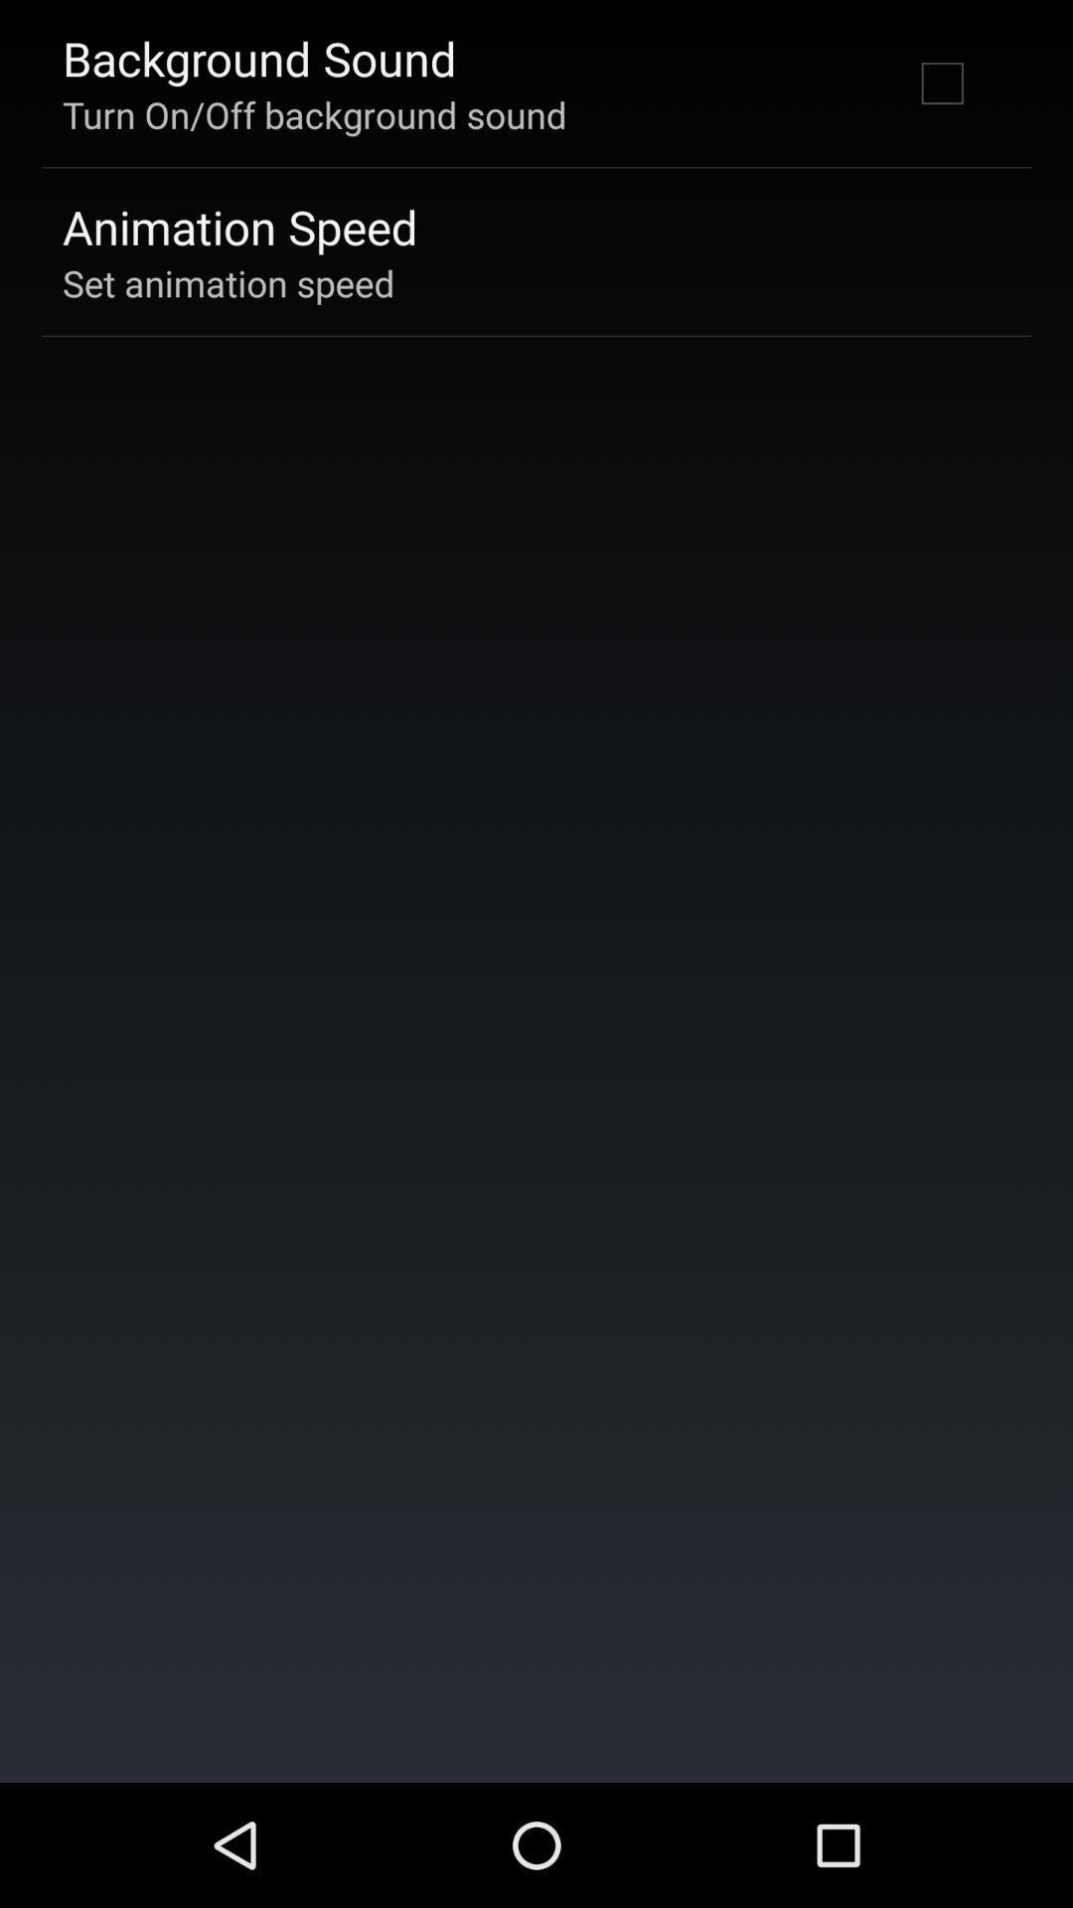  Describe the element at coordinates (941, 81) in the screenshot. I see `the icon to the right of turn on off icon` at that location.